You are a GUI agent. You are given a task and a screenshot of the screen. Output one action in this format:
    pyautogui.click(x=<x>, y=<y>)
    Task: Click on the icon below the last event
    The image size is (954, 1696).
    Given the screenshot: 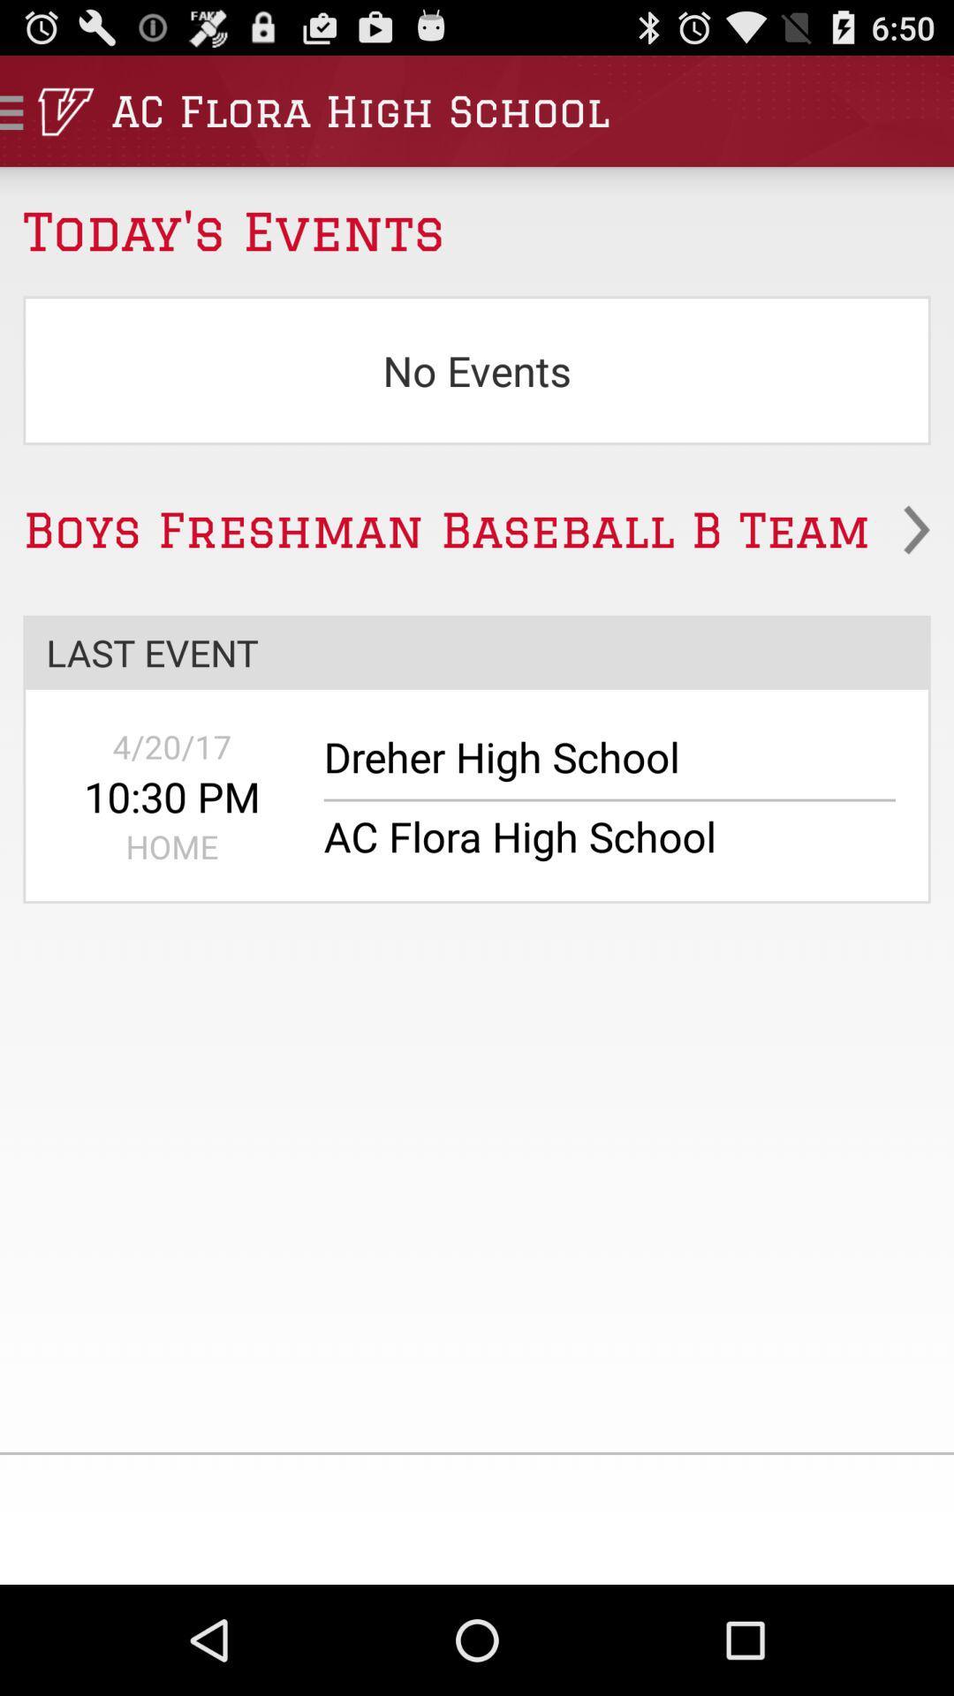 What is the action you would take?
    pyautogui.click(x=172, y=746)
    